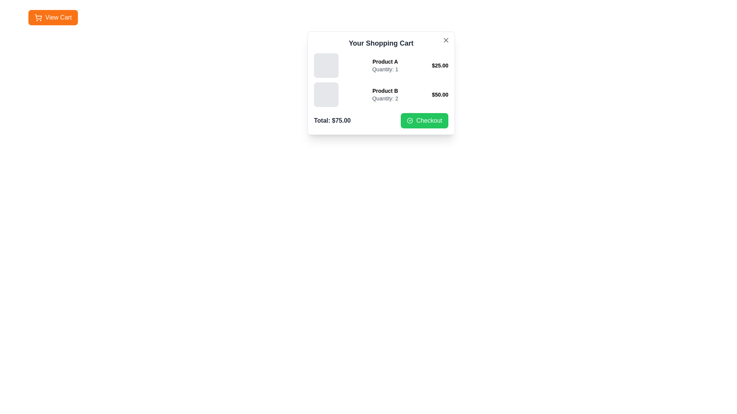  What do you see at coordinates (385, 98) in the screenshot?
I see `the text label displaying 'Quantity: 2' located below 'Product B' in the shopping cart interface` at bounding box center [385, 98].